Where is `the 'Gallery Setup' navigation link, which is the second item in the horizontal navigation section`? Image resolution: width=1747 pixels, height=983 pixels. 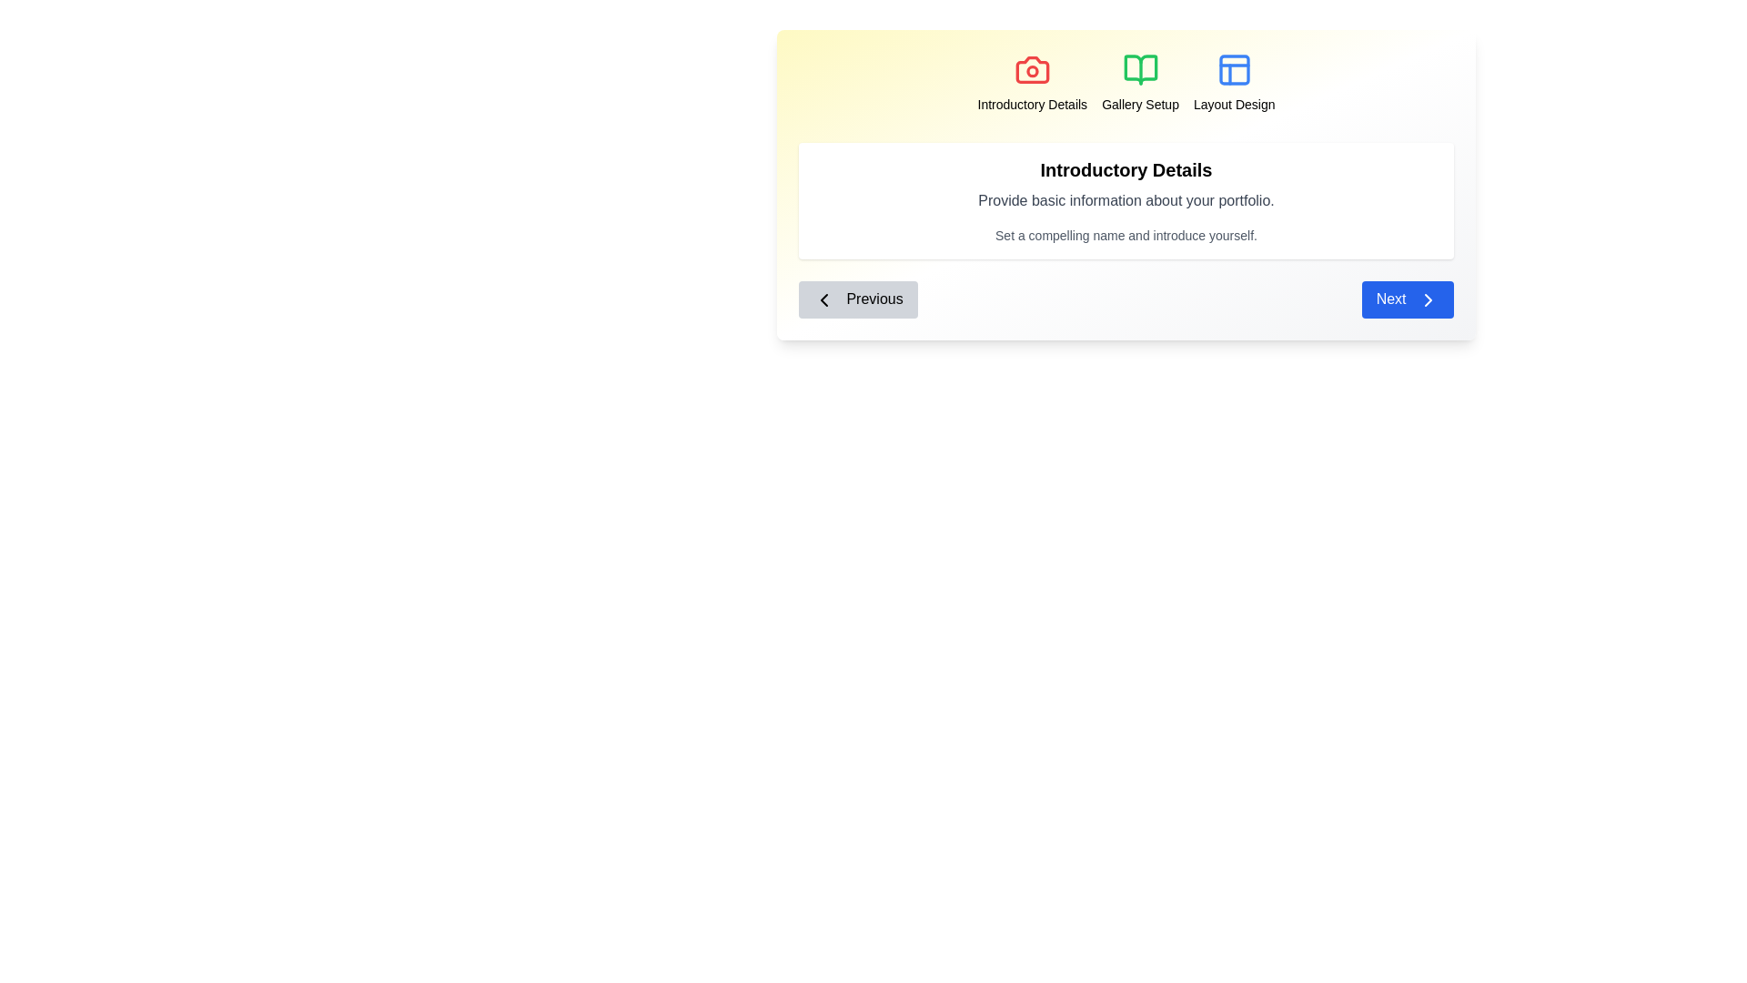
the 'Gallery Setup' navigation link, which is the second item in the horizontal navigation section is located at coordinates (1139, 83).